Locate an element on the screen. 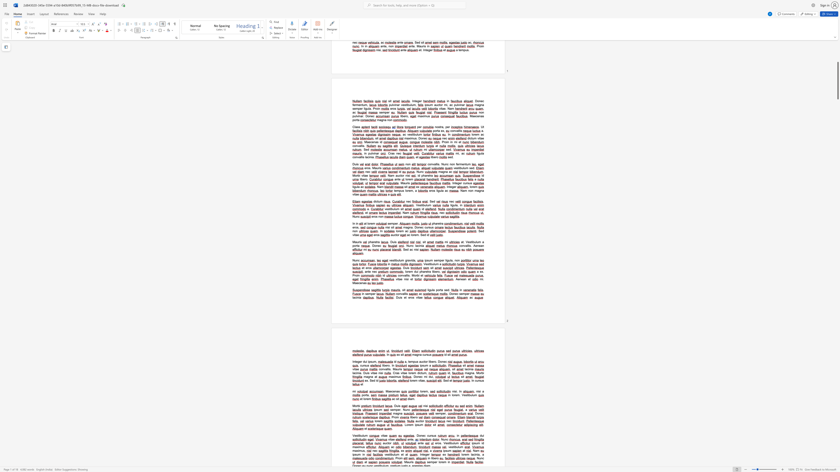 Image resolution: width=840 pixels, height=472 pixels. the space between the continuous character "n" and "e" in the text is located at coordinates (419, 377).